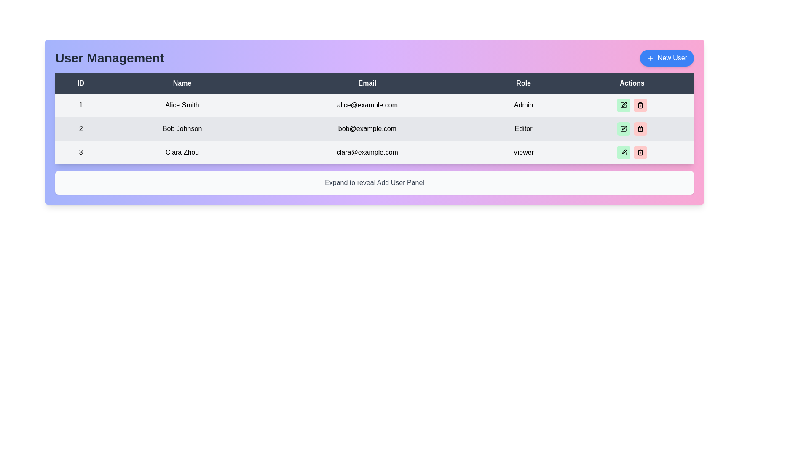  What do you see at coordinates (650, 58) in the screenshot?
I see `the addition icon located within the 'New User' button at the top-right corner of the UI` at bounding box center [650, 58].